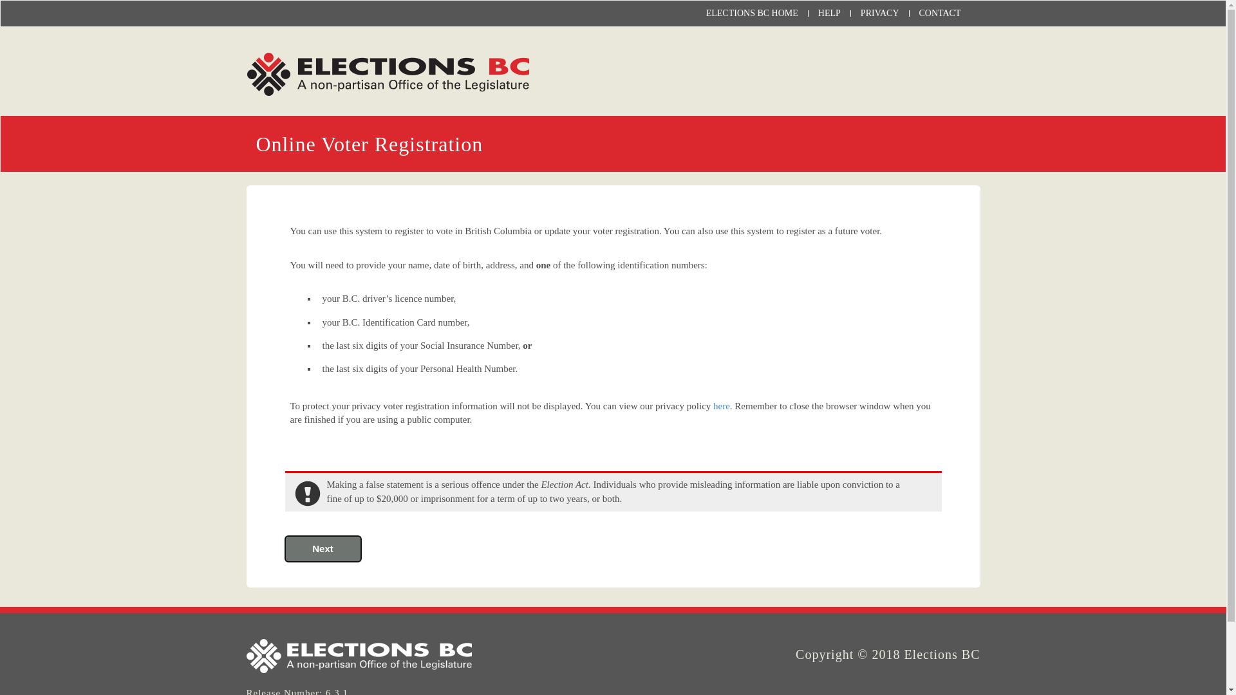  What do you see at coordinates (829, 13) in the screenshot?
I see `'HELP'` at bounding box center [829, 13].